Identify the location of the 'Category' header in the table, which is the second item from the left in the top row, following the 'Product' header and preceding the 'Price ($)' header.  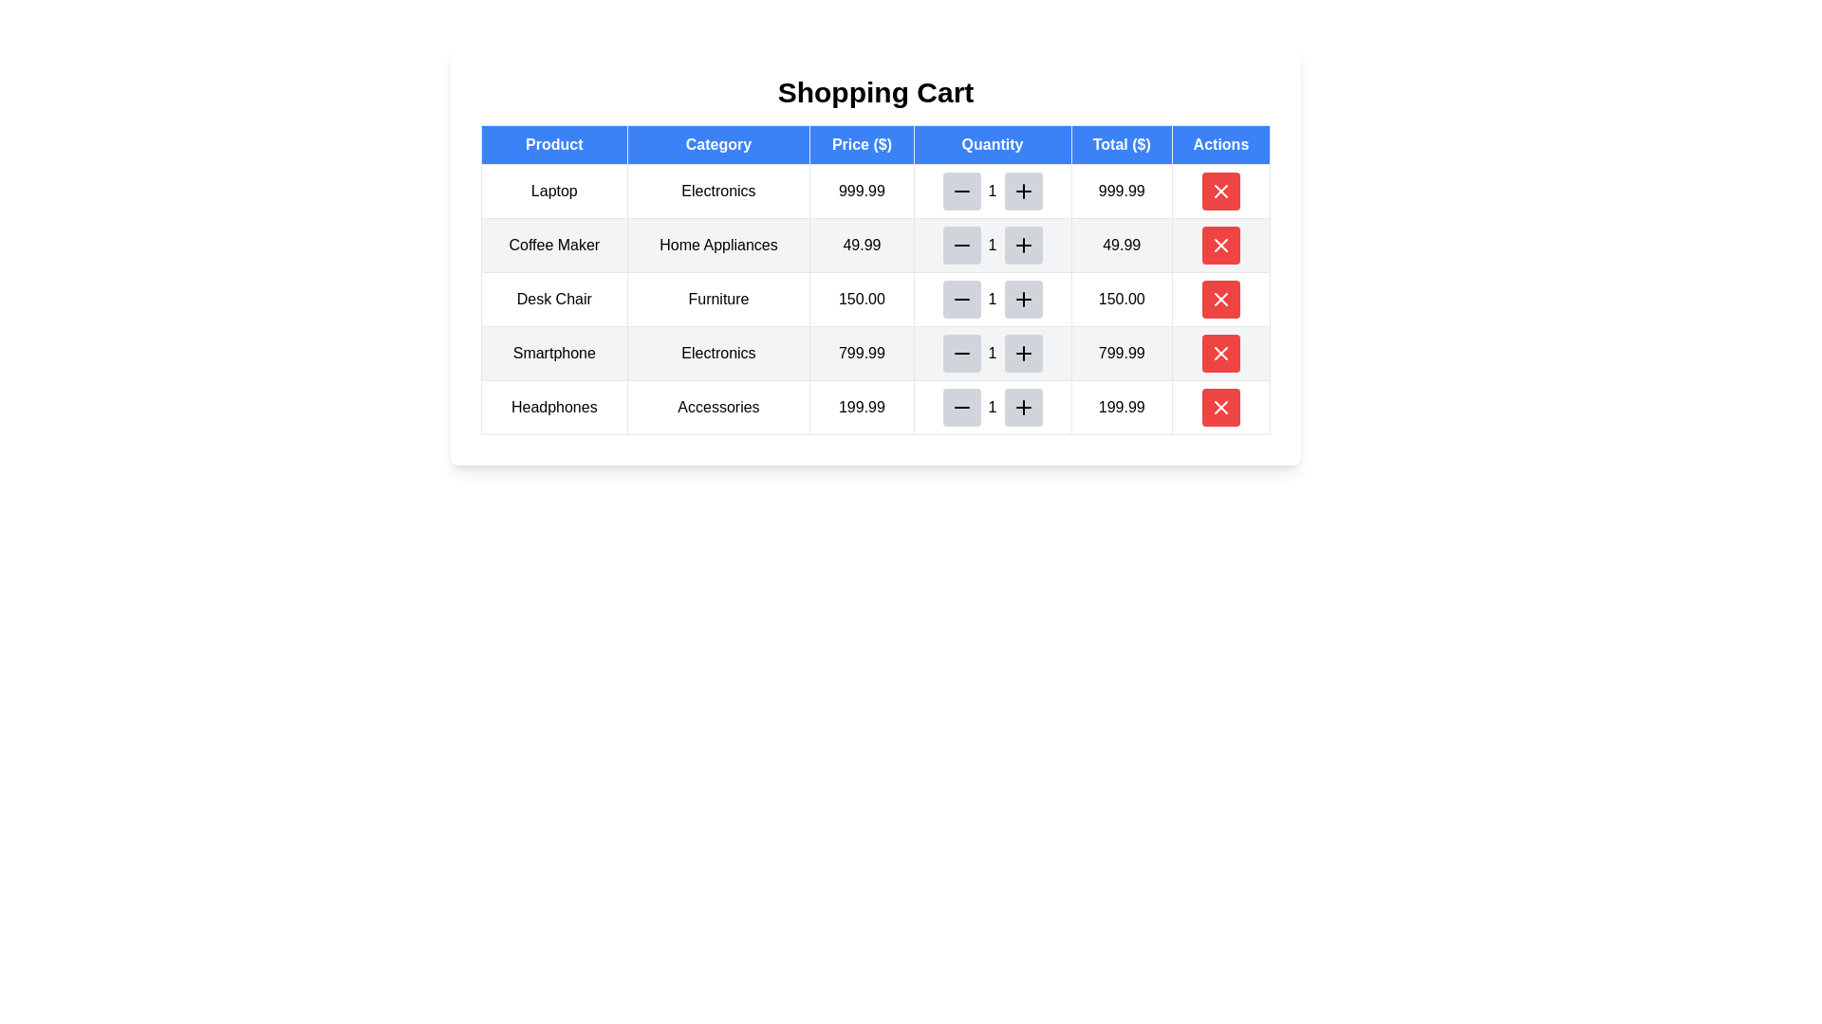
(717, 144).